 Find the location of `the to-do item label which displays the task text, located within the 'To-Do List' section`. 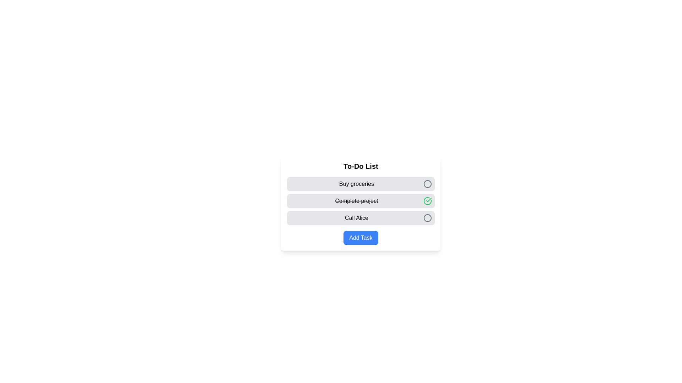

the to-do item label which displays the task text, located within the 'To-Do List' section is located at coordinates (356, 184).